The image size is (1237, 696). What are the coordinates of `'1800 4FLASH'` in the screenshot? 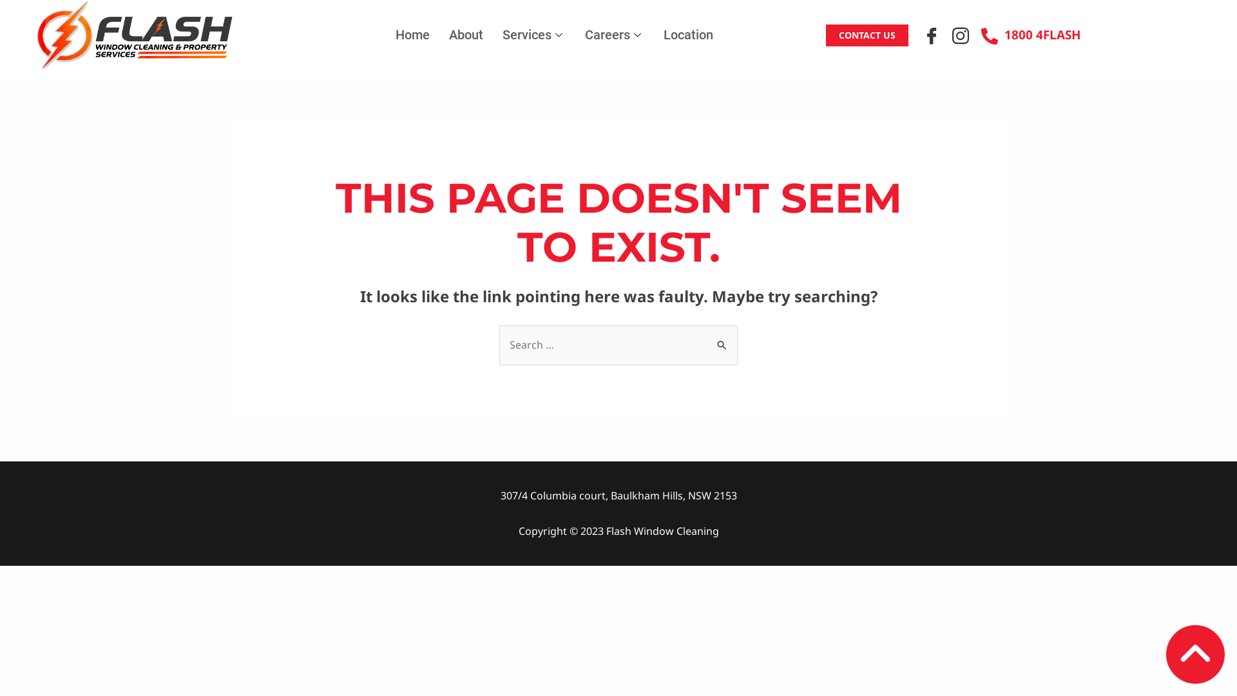 It's located at (1031, 34).